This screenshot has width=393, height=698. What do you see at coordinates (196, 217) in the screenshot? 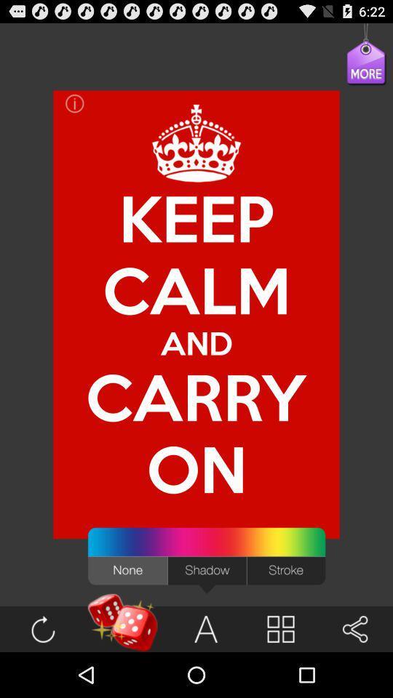
I see `item above and item` at bounding box center [196, 217].